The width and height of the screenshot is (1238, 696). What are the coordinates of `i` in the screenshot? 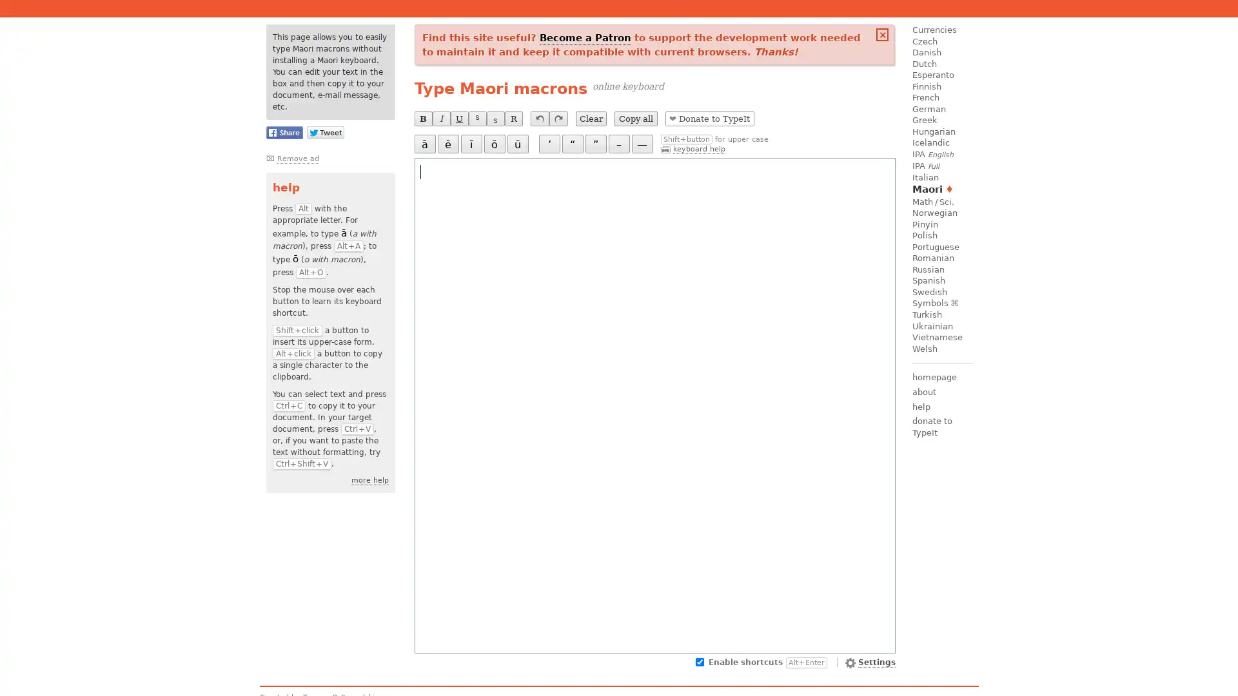 It's located at (470, 144).